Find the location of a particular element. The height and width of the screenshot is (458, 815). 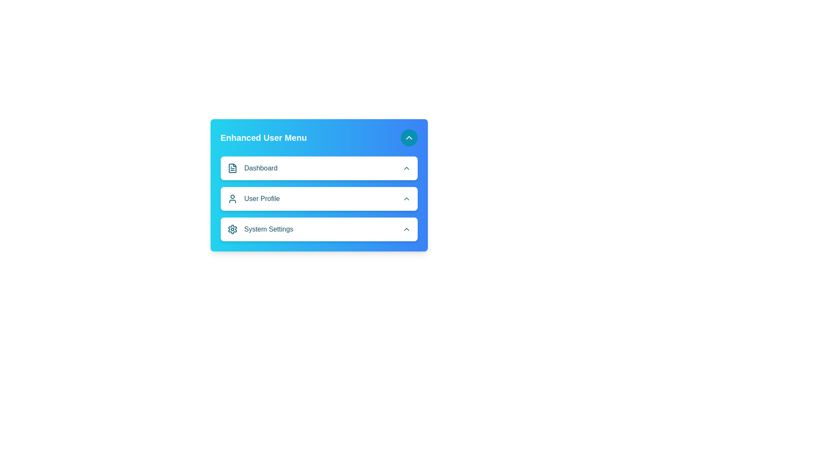

the first icon in the 'Enhanced User Menu' that resembles a document or file, styled in cyan color, located under the 'Dashboard' option is located at coordinates (232, 168).